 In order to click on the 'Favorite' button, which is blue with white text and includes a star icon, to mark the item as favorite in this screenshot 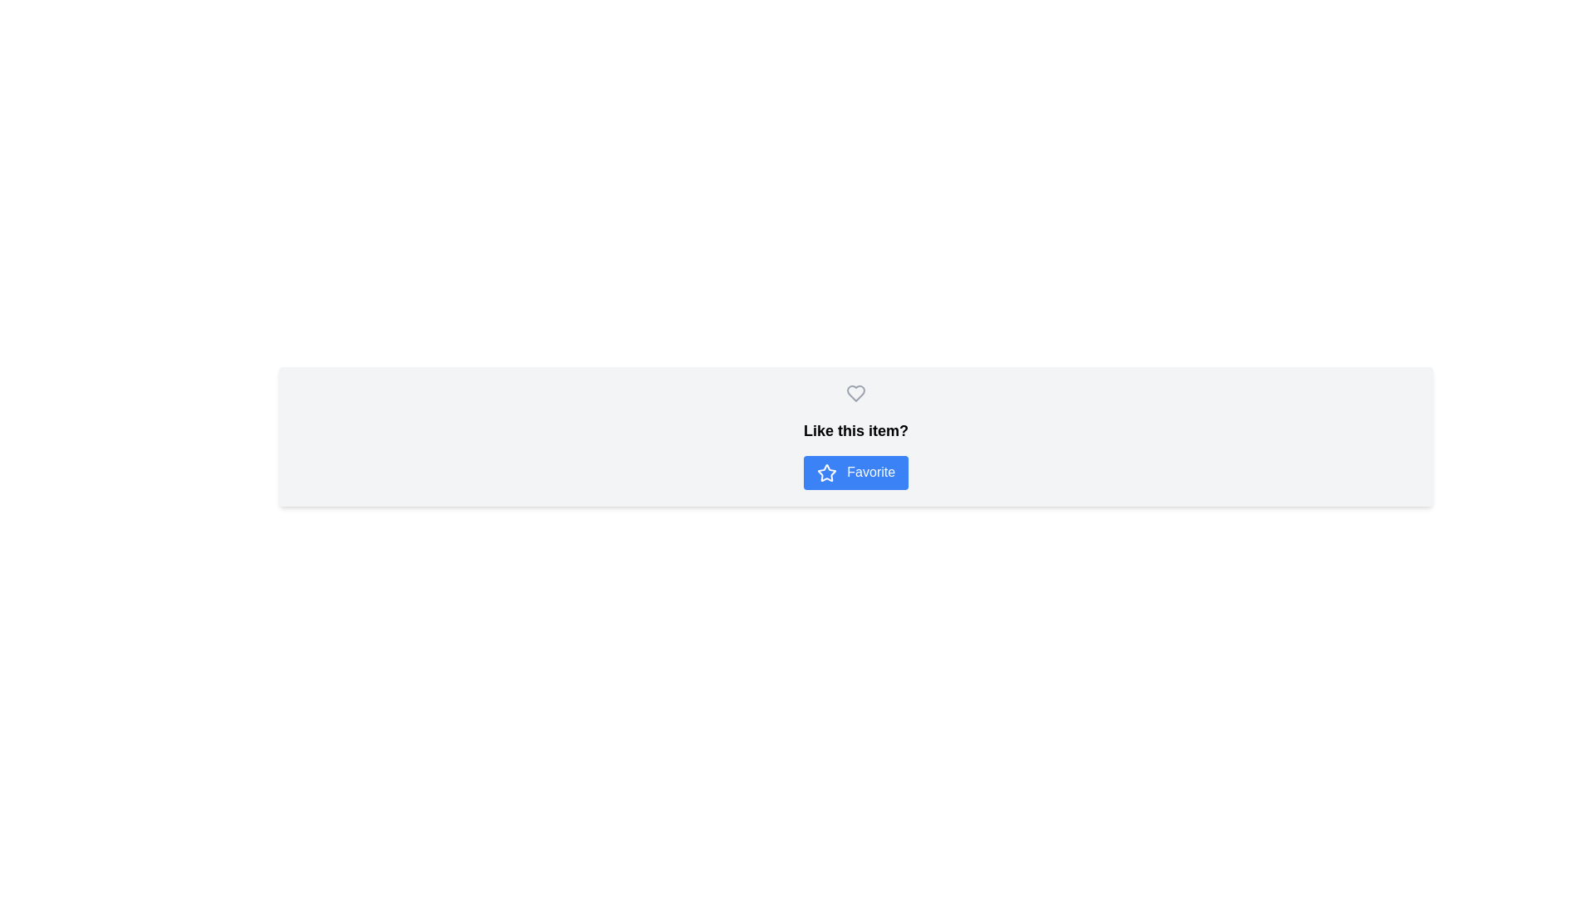, I will do `click(856, 473)`.